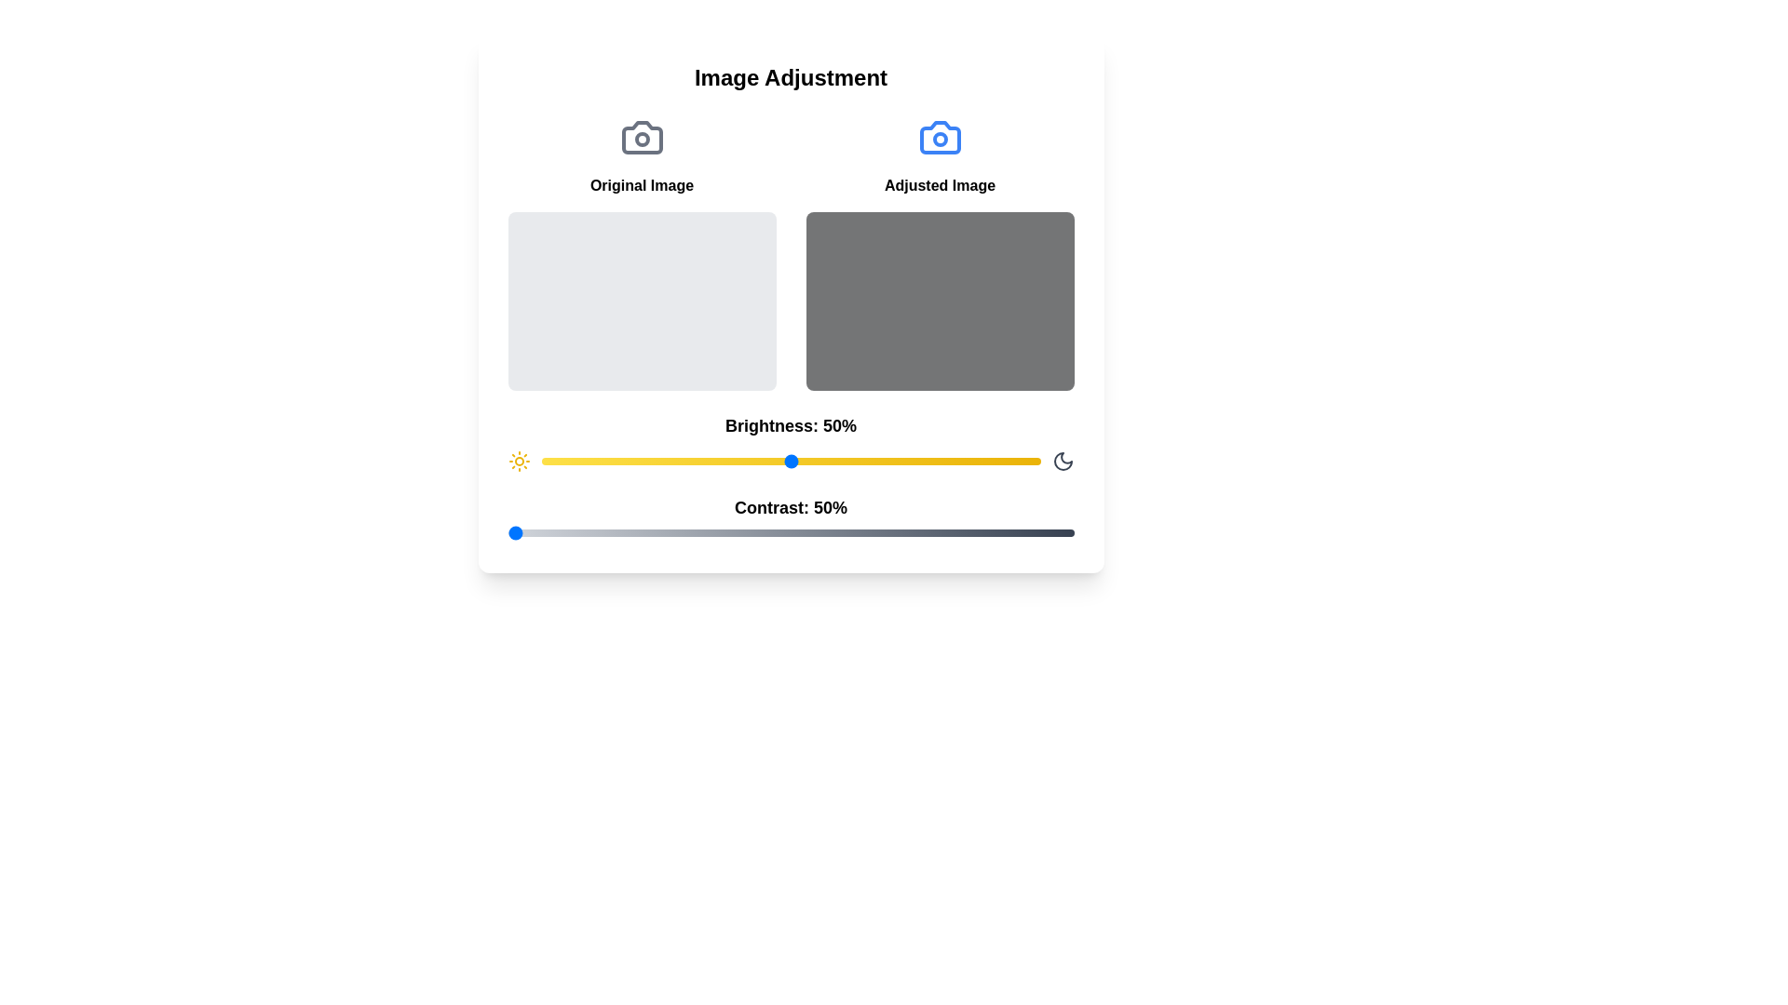 This screenshot has width=1788, height=1005. Describe the element at coordinates (840, 461) in the screenshot. I see `the slider value` at that location.